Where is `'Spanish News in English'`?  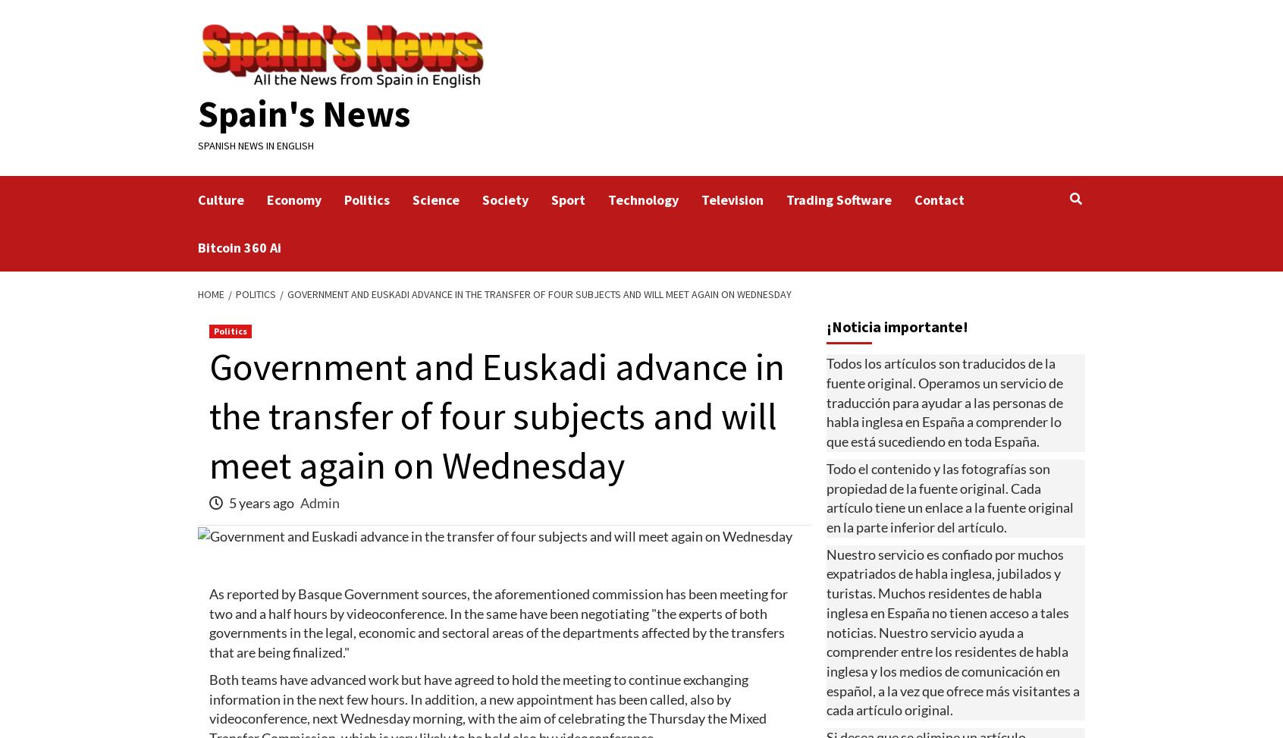
'Spanish News in English' is located at coordinates (255, 144).